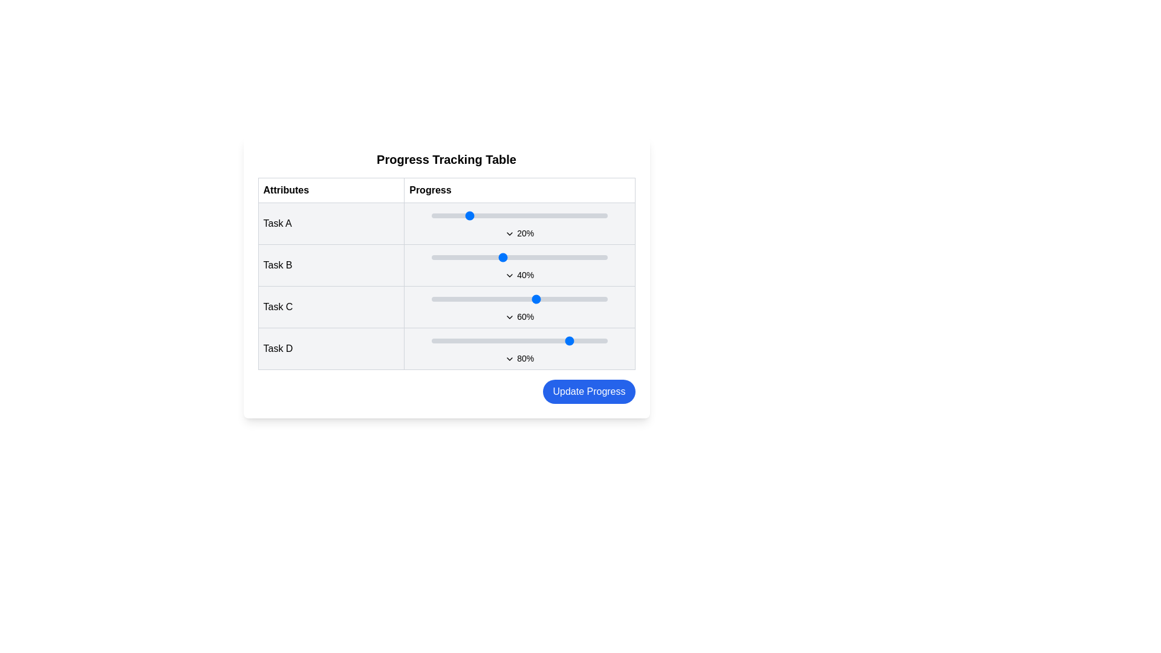 This screenshot has height=653, width=1161. What do you see at coordinates (466, 215) in the screenshot?
I see `the slider value` at bounding box center [466, 215].